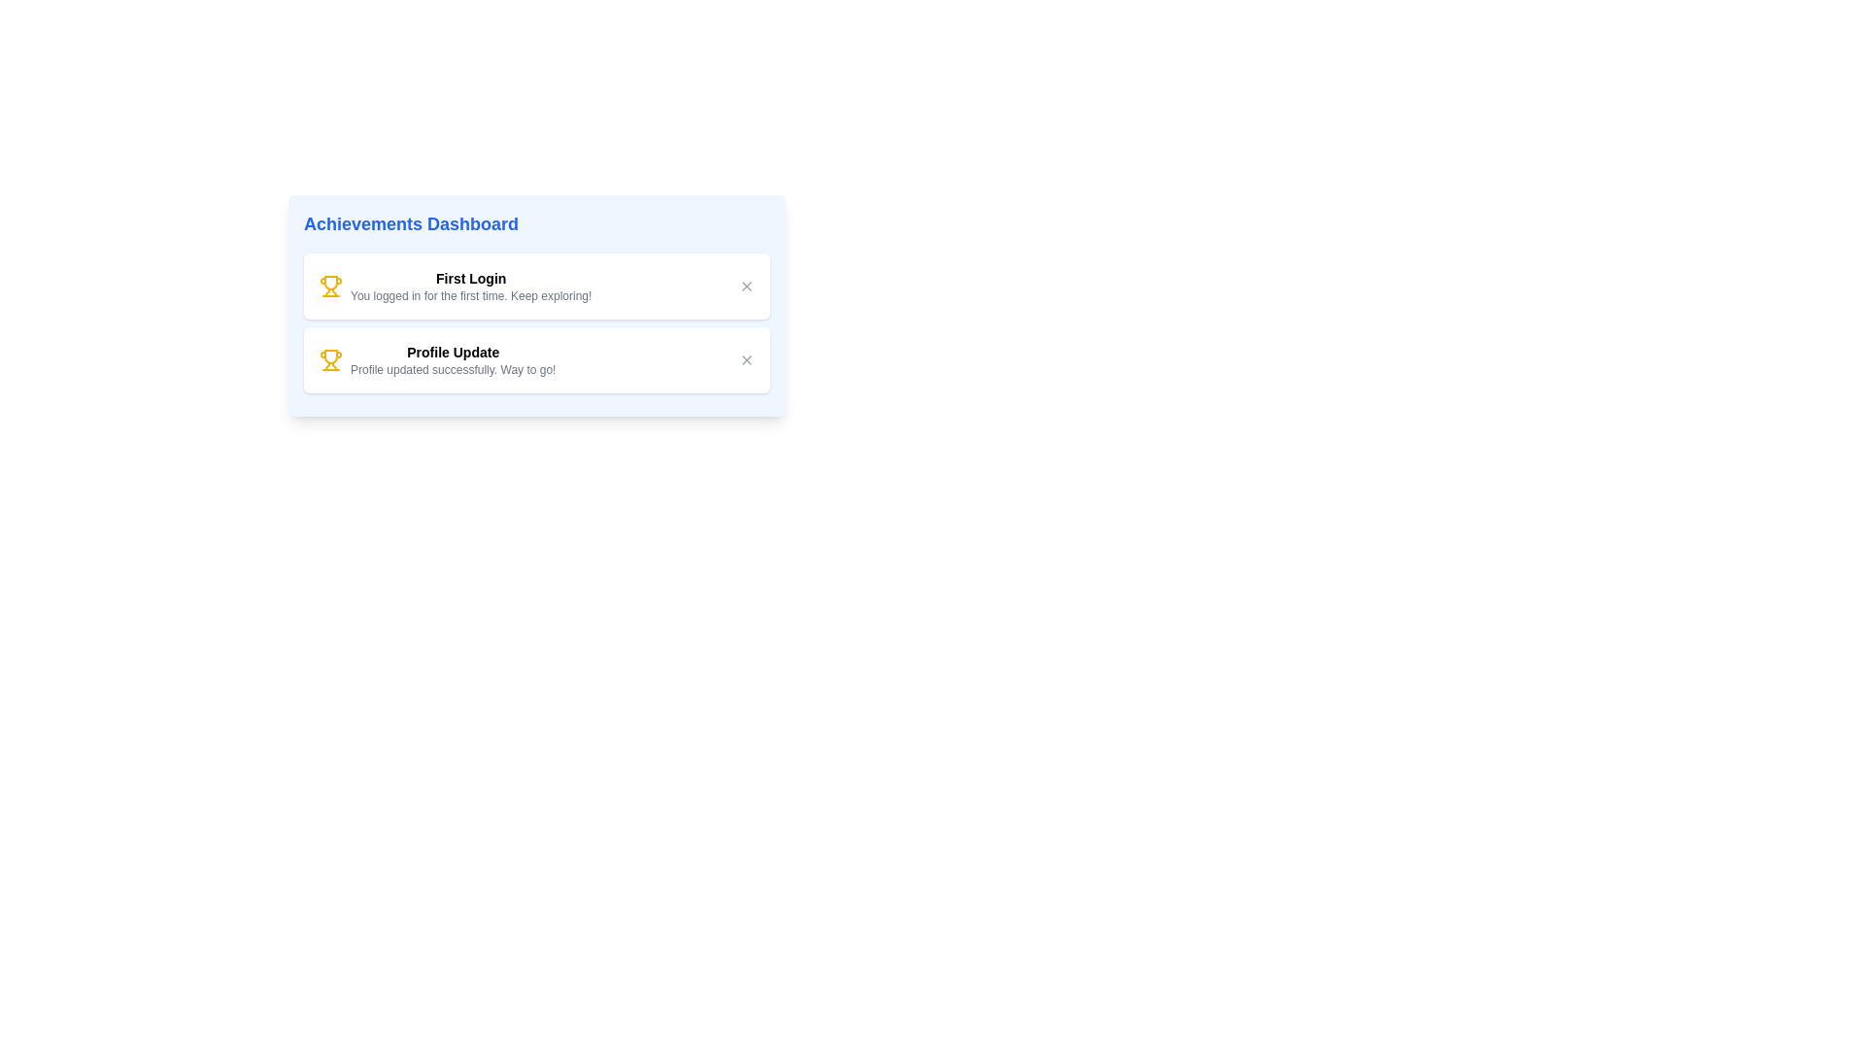  I want to click on the top segment of the trophy icon located in the second list item under the 'Achievements Dashboard' section, which visually represents an accomplishment or reward, so click(330, 282).